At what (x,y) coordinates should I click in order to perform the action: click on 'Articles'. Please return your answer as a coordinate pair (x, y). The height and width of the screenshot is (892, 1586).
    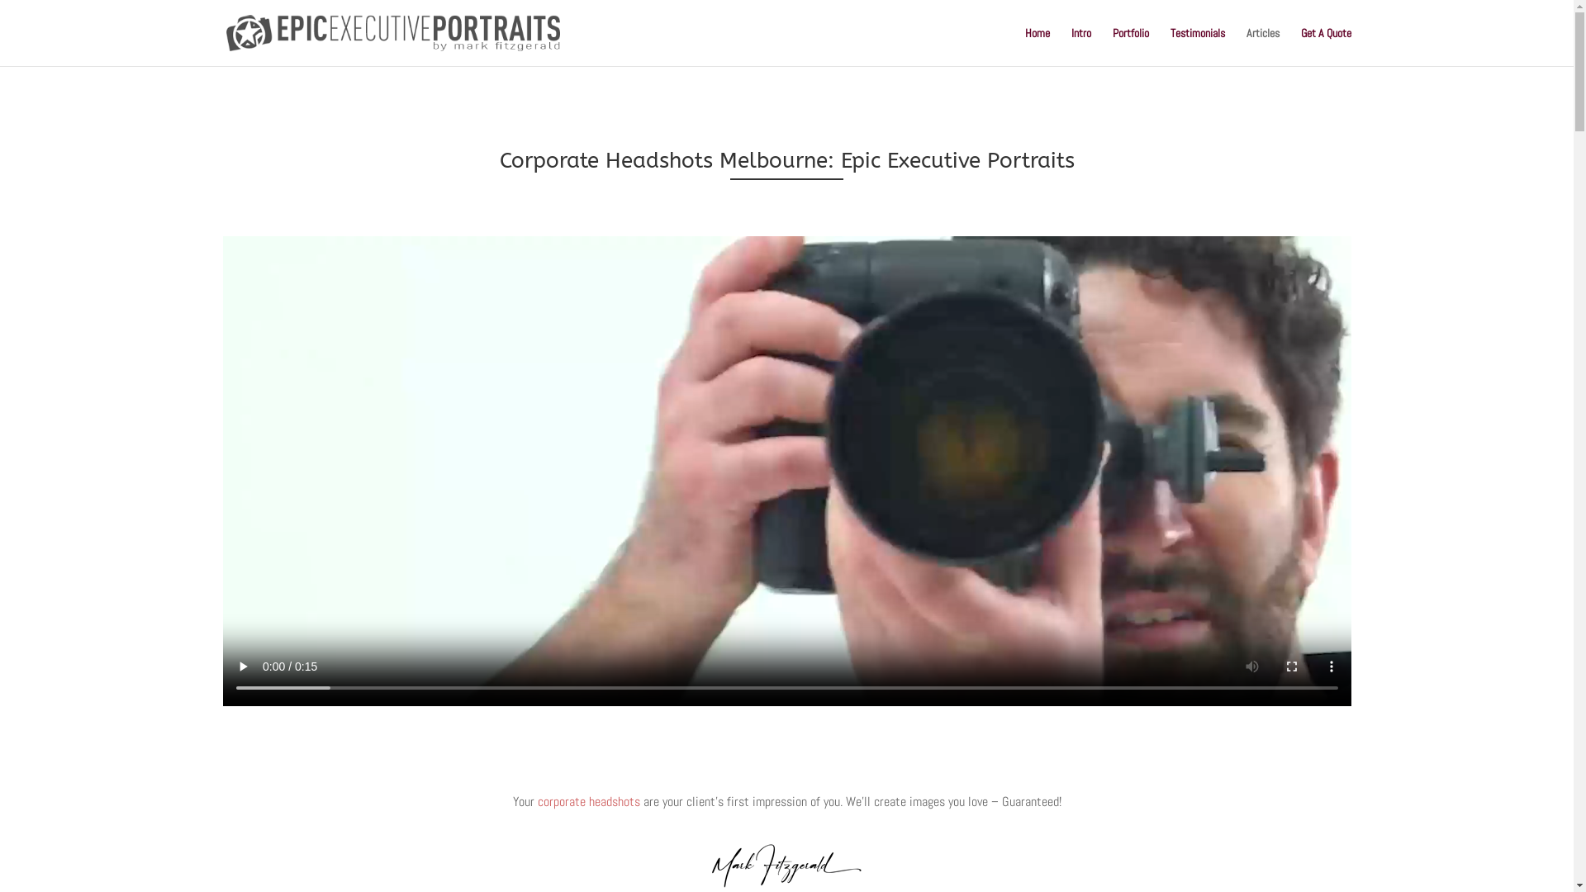
    Looking at the image, I should click on (1245, 45).